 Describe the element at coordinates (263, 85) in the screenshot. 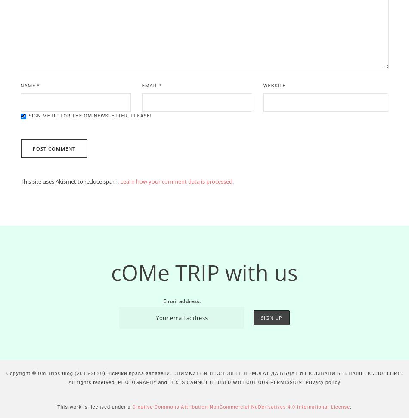

I see `'Website'` at that location.